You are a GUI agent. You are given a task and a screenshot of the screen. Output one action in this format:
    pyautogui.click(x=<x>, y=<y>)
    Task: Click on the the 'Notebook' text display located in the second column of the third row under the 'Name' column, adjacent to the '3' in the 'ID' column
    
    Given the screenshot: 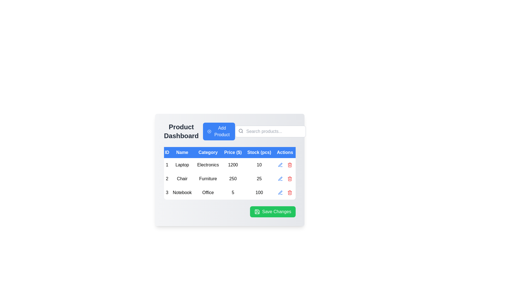 What is the action you would take?
    pyautogui.click(x=182, y=192)
    